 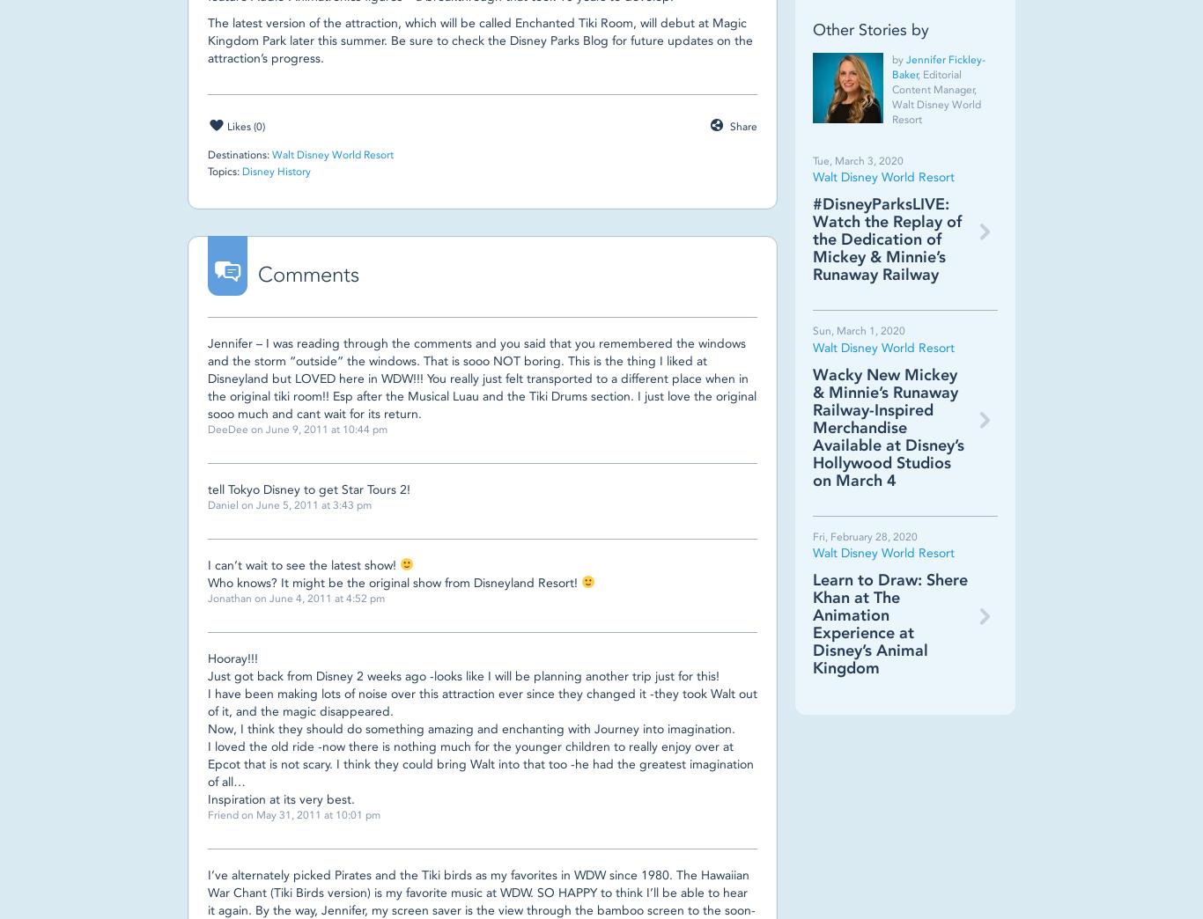 I want to click on 'on June 5, 2011 at 3:43 pm', so click(x=304, y=504).